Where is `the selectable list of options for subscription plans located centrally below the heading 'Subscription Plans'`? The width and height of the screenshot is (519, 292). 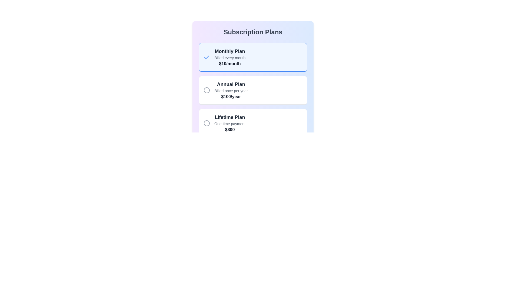 the selectable list of options for subscription plans located centrally below the heading 'Subscription Plans' is located at coordinates (253, 74).